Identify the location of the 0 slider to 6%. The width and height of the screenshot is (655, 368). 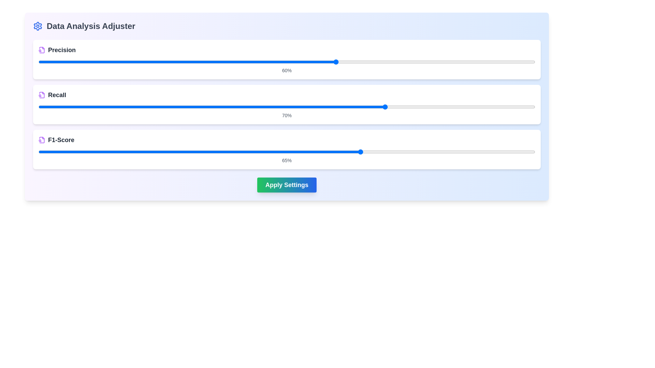
(301, 62).